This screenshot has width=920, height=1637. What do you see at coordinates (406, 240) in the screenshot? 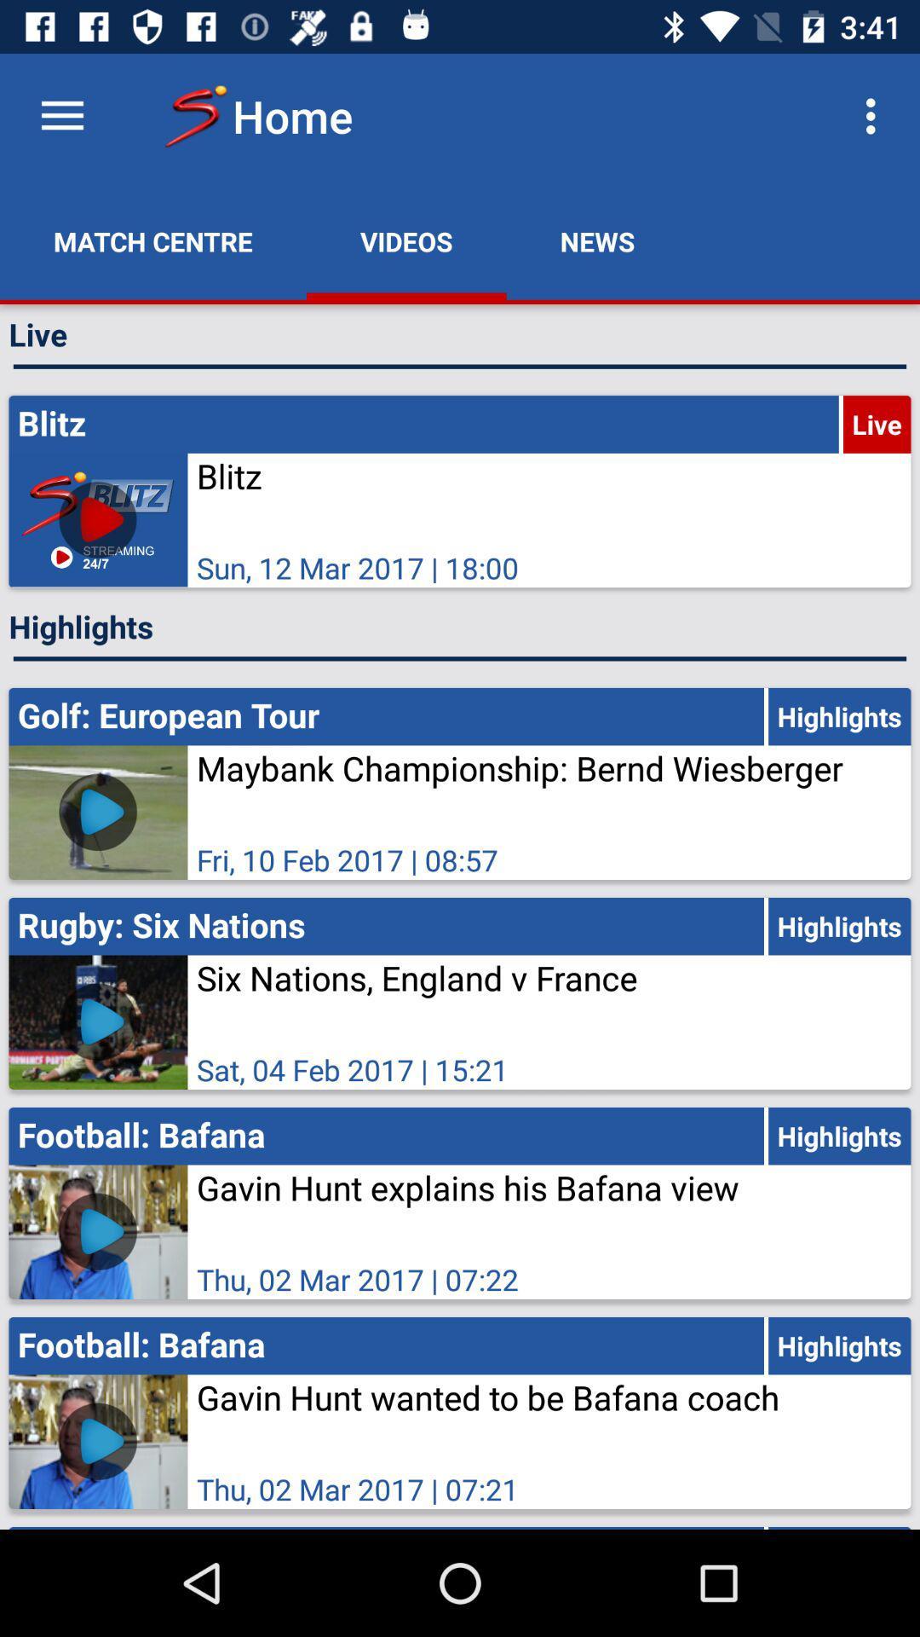
I see `the videos icon` at bounding box center [406, 240].